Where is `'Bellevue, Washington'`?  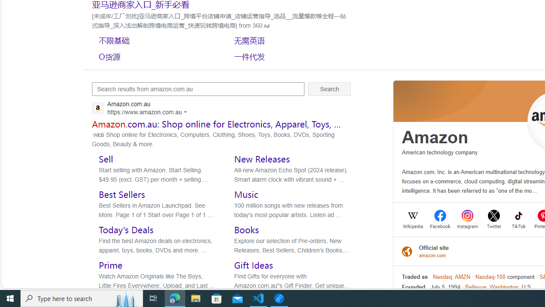 'Bellevue, Washington' is located at coordinates (492, 287).